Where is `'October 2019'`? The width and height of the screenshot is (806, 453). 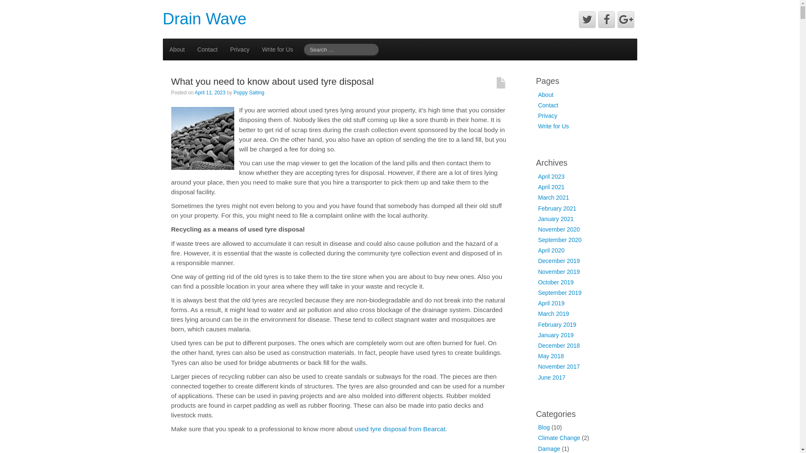
'October 2019' is located at coordinates (556, 282).